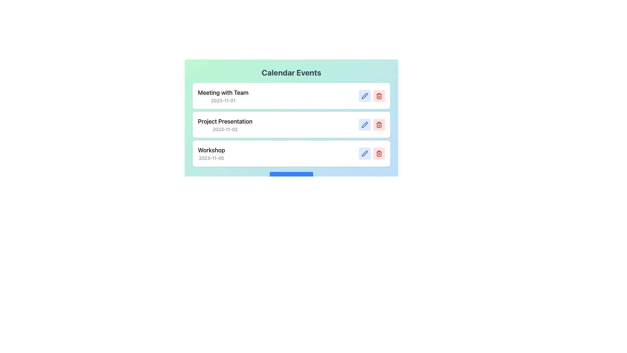  I want to click on the pen-like icon in the light blue button located in the first row under the 'Meeting with Team' event, so click(364, 96).